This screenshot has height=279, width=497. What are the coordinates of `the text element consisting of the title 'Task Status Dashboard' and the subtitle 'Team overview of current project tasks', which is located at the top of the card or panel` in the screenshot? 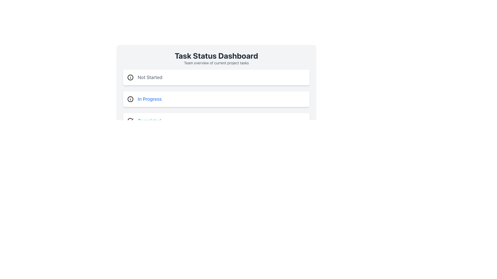 It's located at (216, 58).